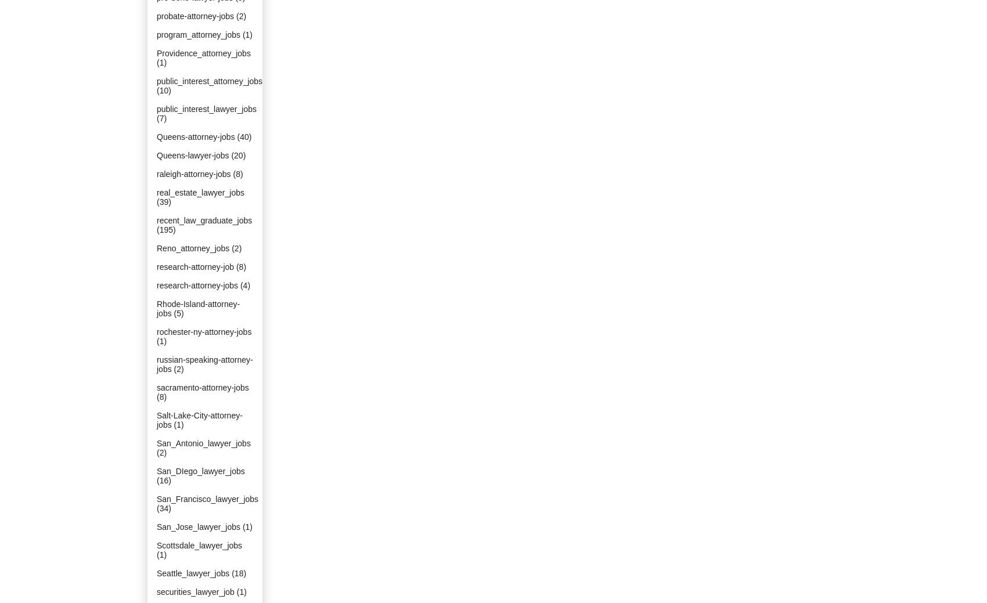 This screenshot has width=987, height=603. Describe the element at coordinates (178, 313) in the screenshot. I see `'(5)'` at that location.